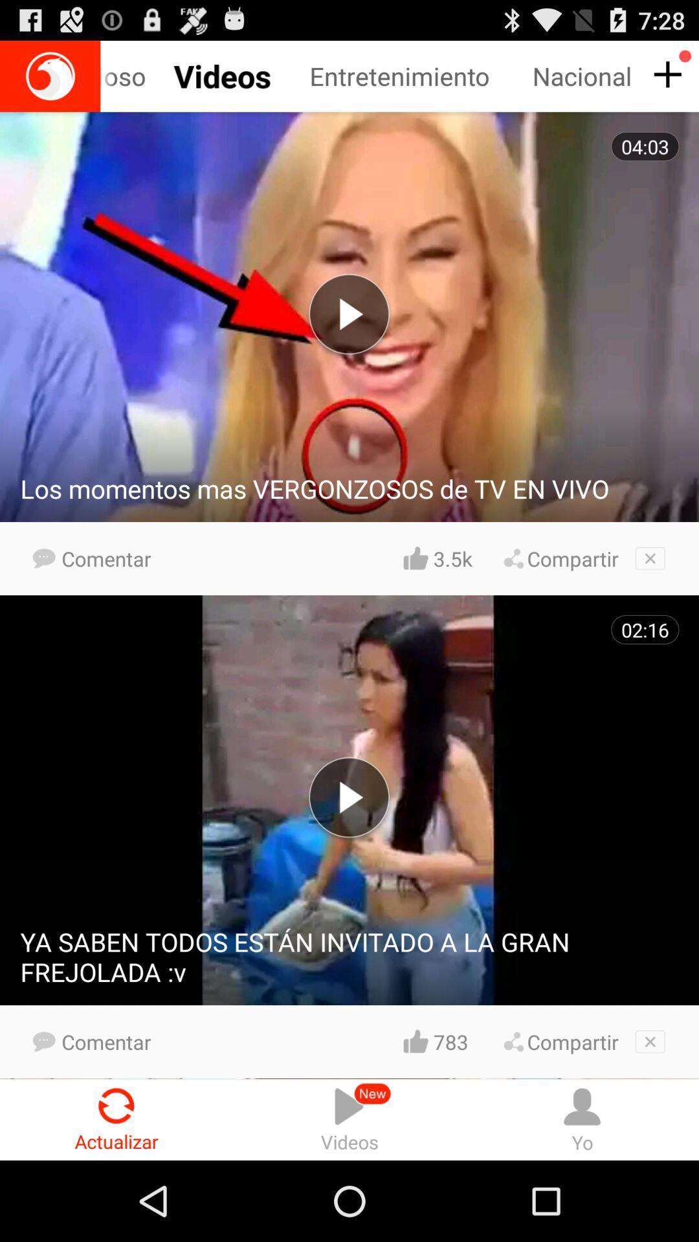  Describe the element at coordinates (650, 1041) in the screenshot. I see `remove video` at that location.